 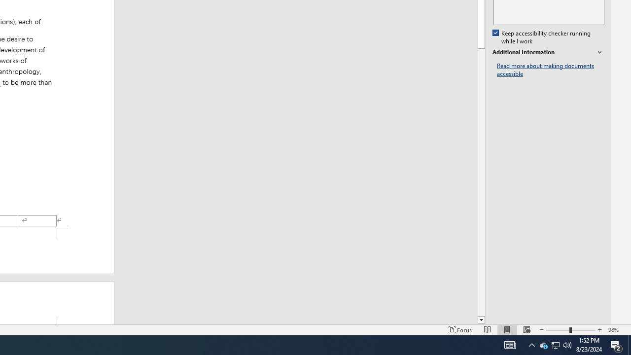 What do you see at coordinates (599, 330) in the screenshot?
I see `'Zoom In'` at bounding box center [599, 330].